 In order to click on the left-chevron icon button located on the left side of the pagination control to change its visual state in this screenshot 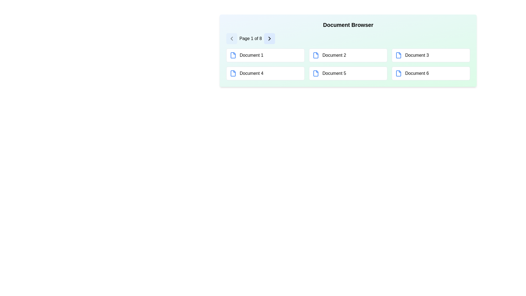, I will do `click(231, 38)`.